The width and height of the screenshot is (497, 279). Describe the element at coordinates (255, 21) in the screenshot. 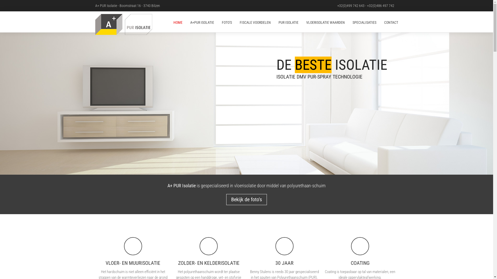

I see `'FISCALE VOORDELEN'` at that location.